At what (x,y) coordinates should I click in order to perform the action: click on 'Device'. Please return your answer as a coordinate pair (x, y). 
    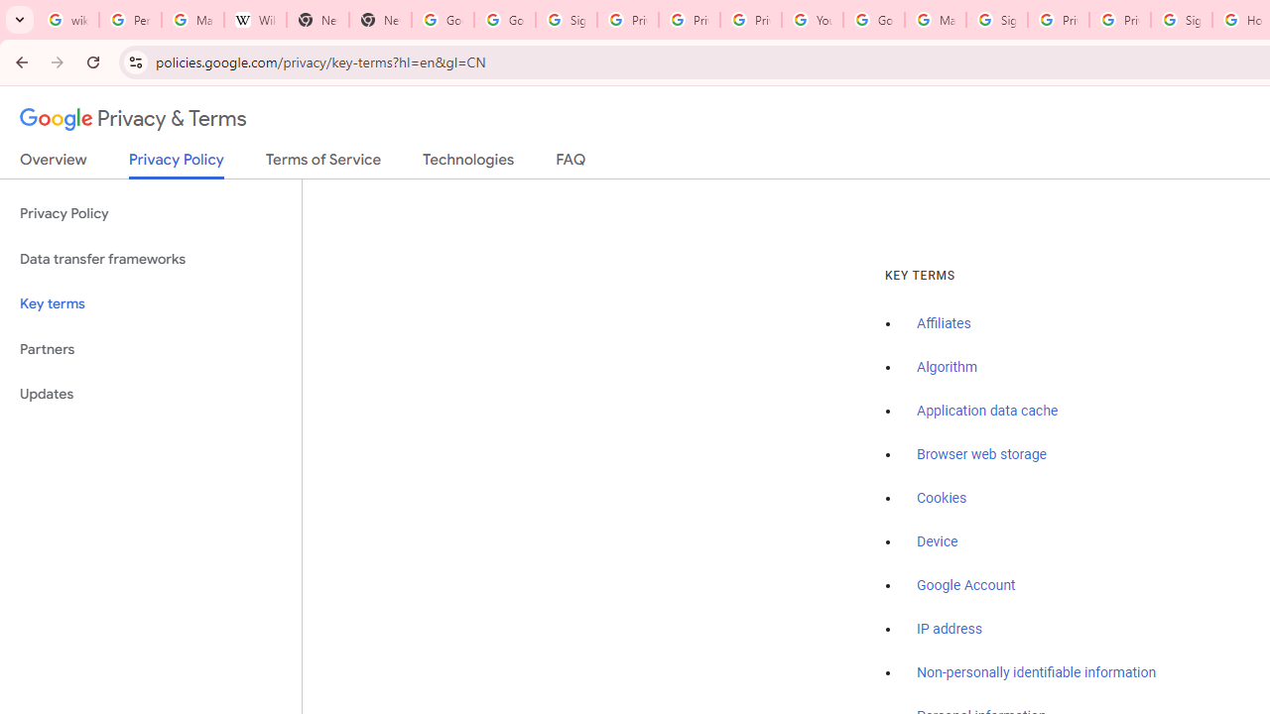
    Looking at the image, I should click on (937, 541).